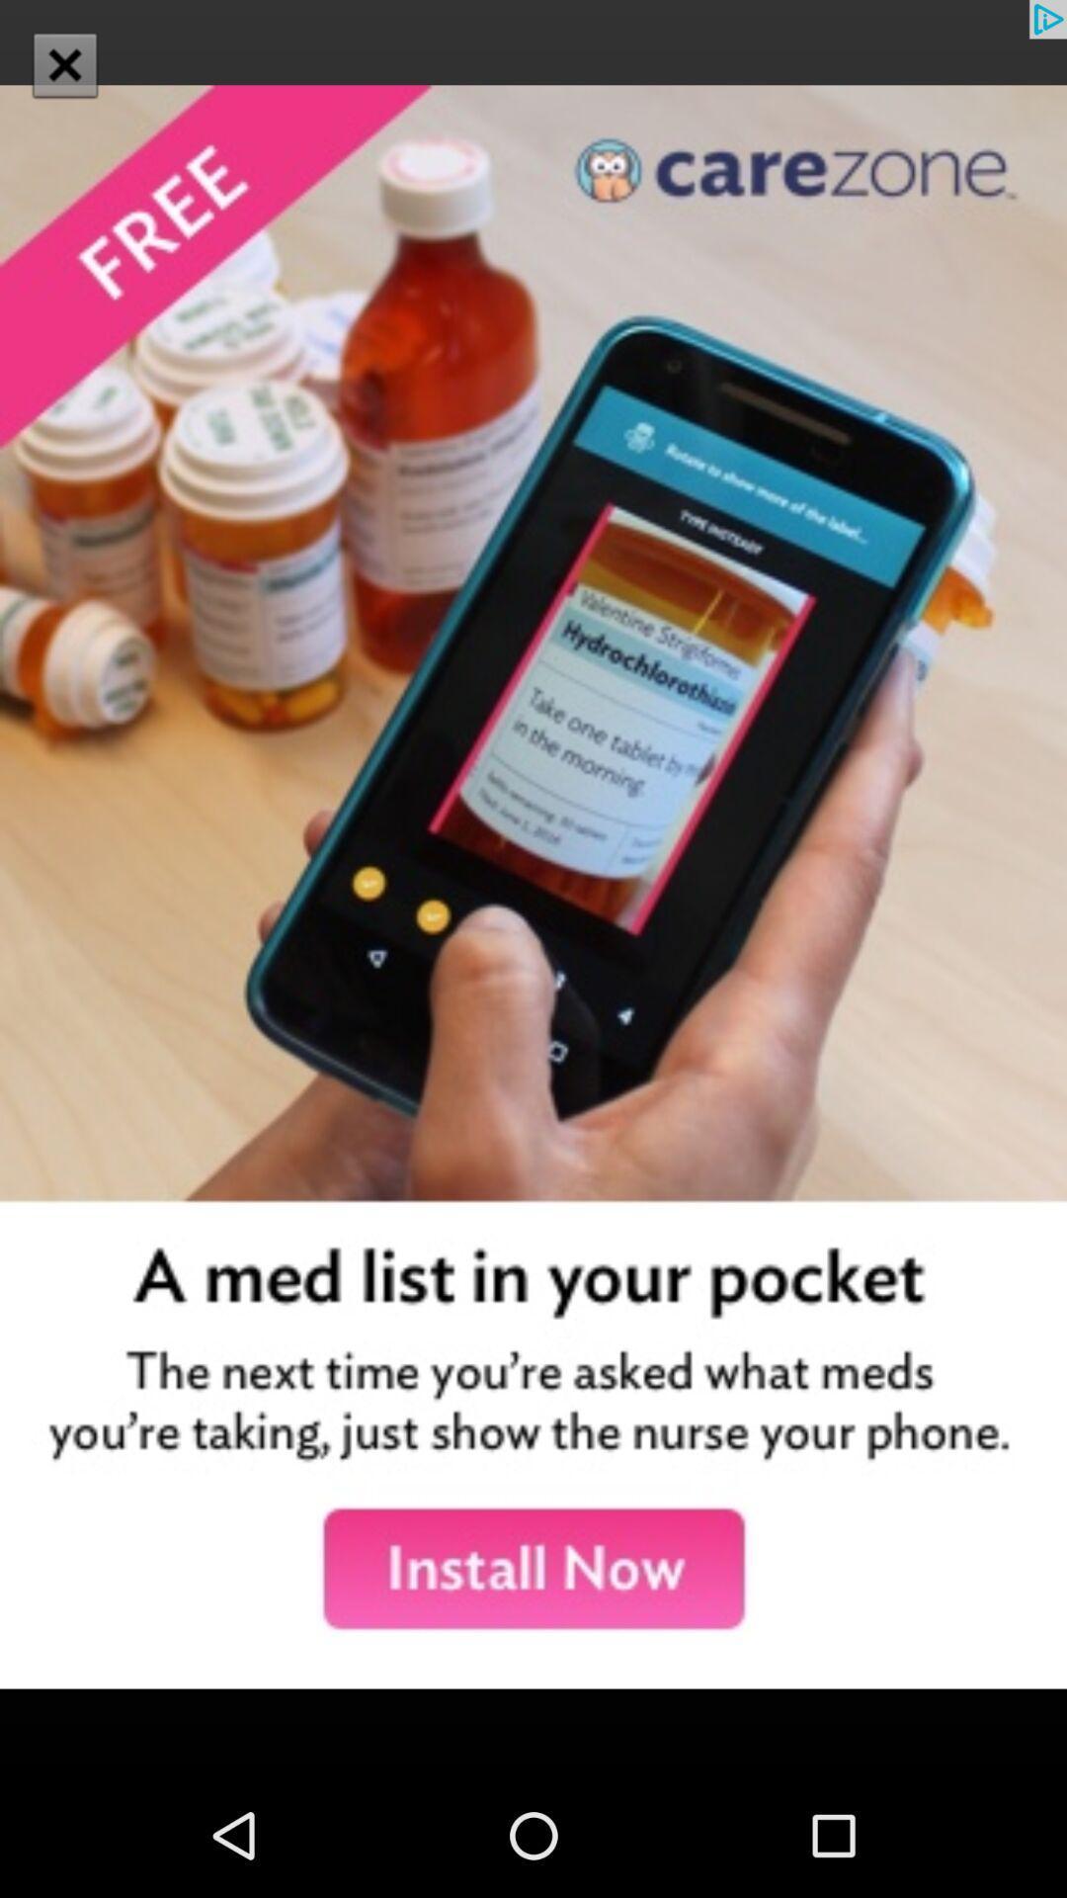 The height and width of the screenshot is (1898, 1067). What do you see at coordinates (63, 69) in the screenshot?
I see `the close icon` at bounding box center [63, 69].